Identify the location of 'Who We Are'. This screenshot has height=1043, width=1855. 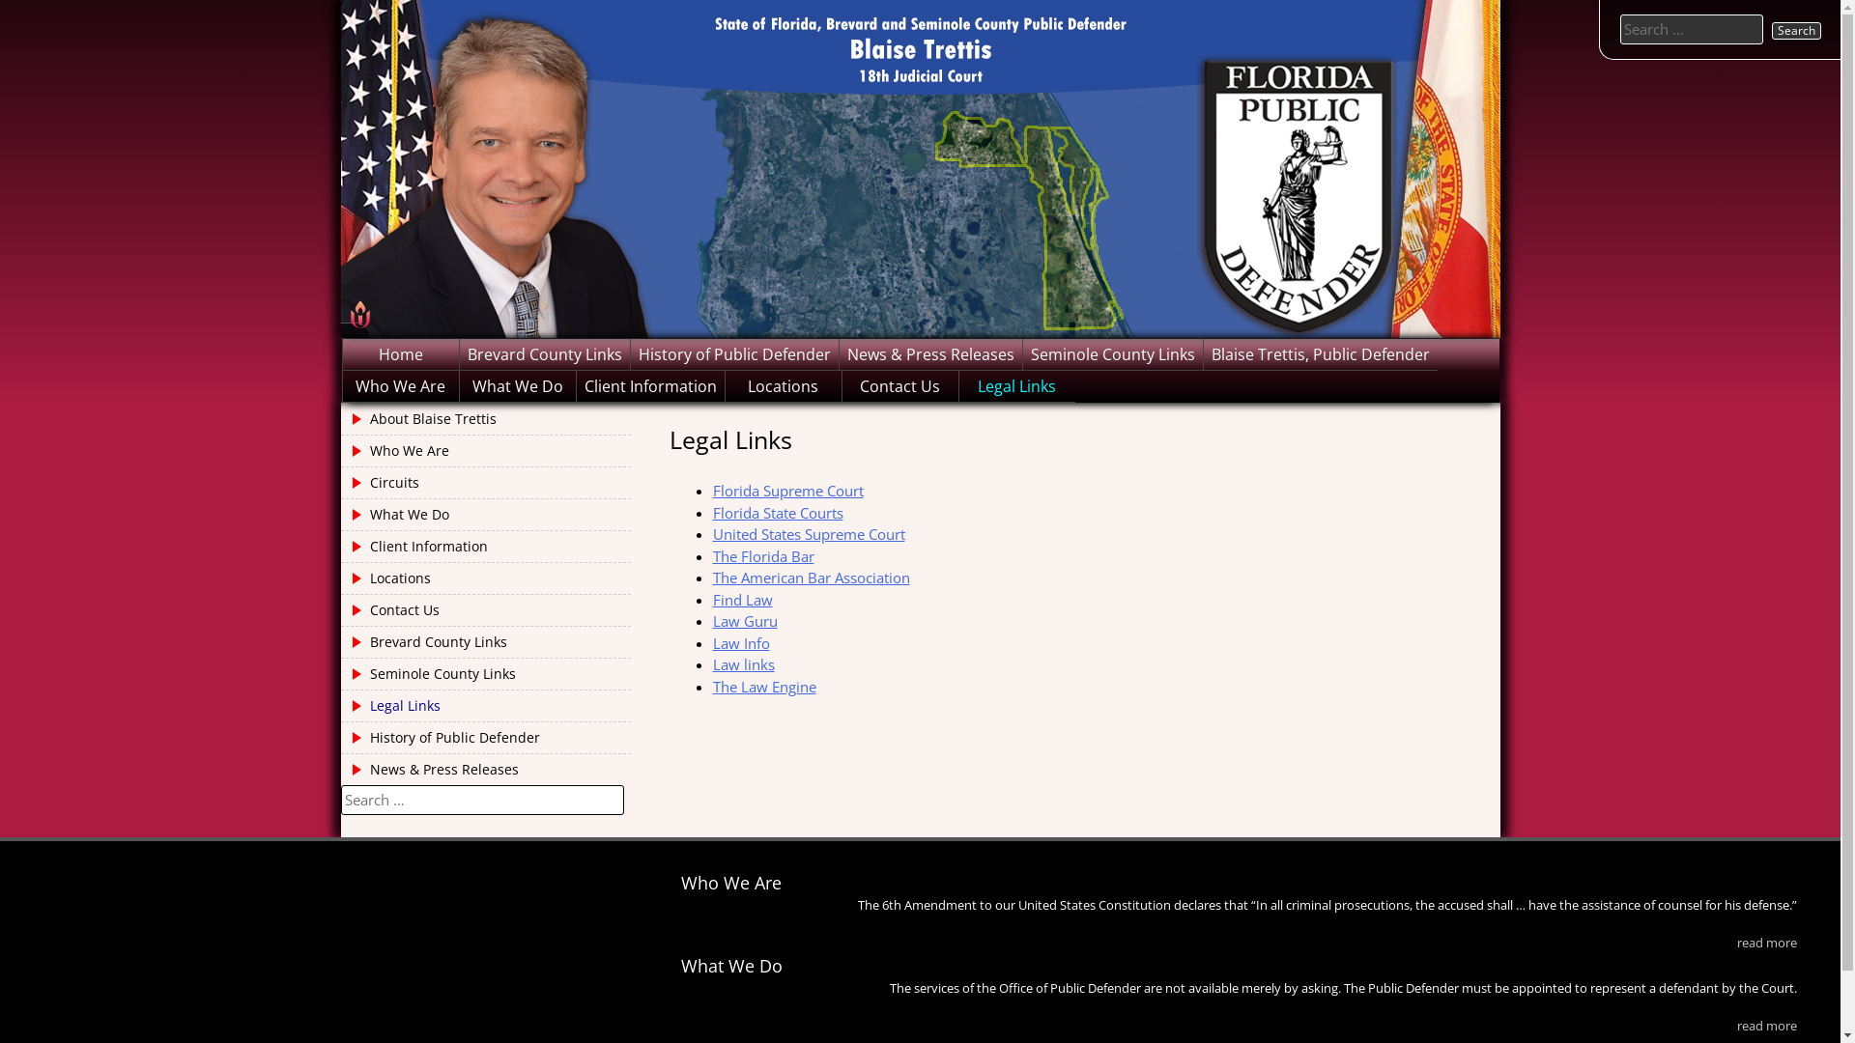
(398, 386).